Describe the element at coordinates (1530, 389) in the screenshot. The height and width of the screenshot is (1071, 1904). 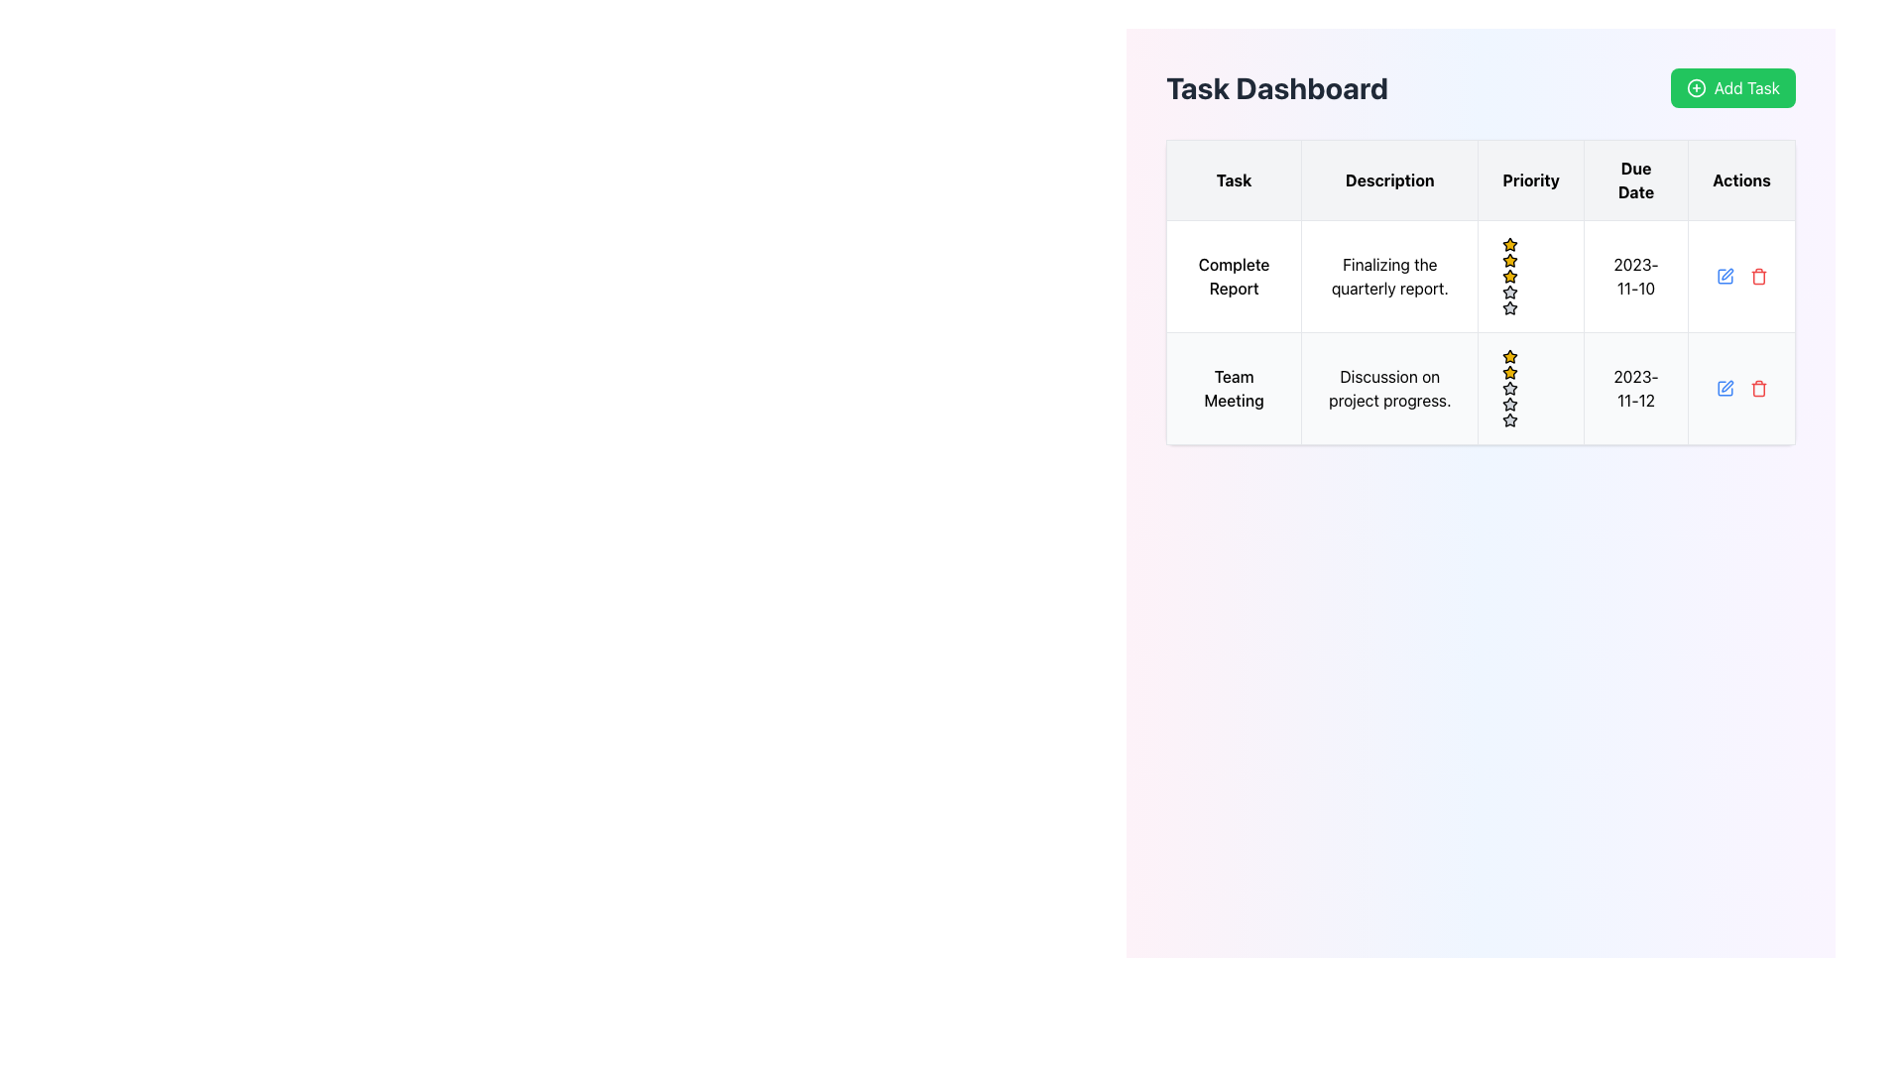
I see `one of the yellow star icons in the Rating Stars element to update the rating for the 'Team Meeting' task in the 'Priority' column of the Task Dashboard` at that location.